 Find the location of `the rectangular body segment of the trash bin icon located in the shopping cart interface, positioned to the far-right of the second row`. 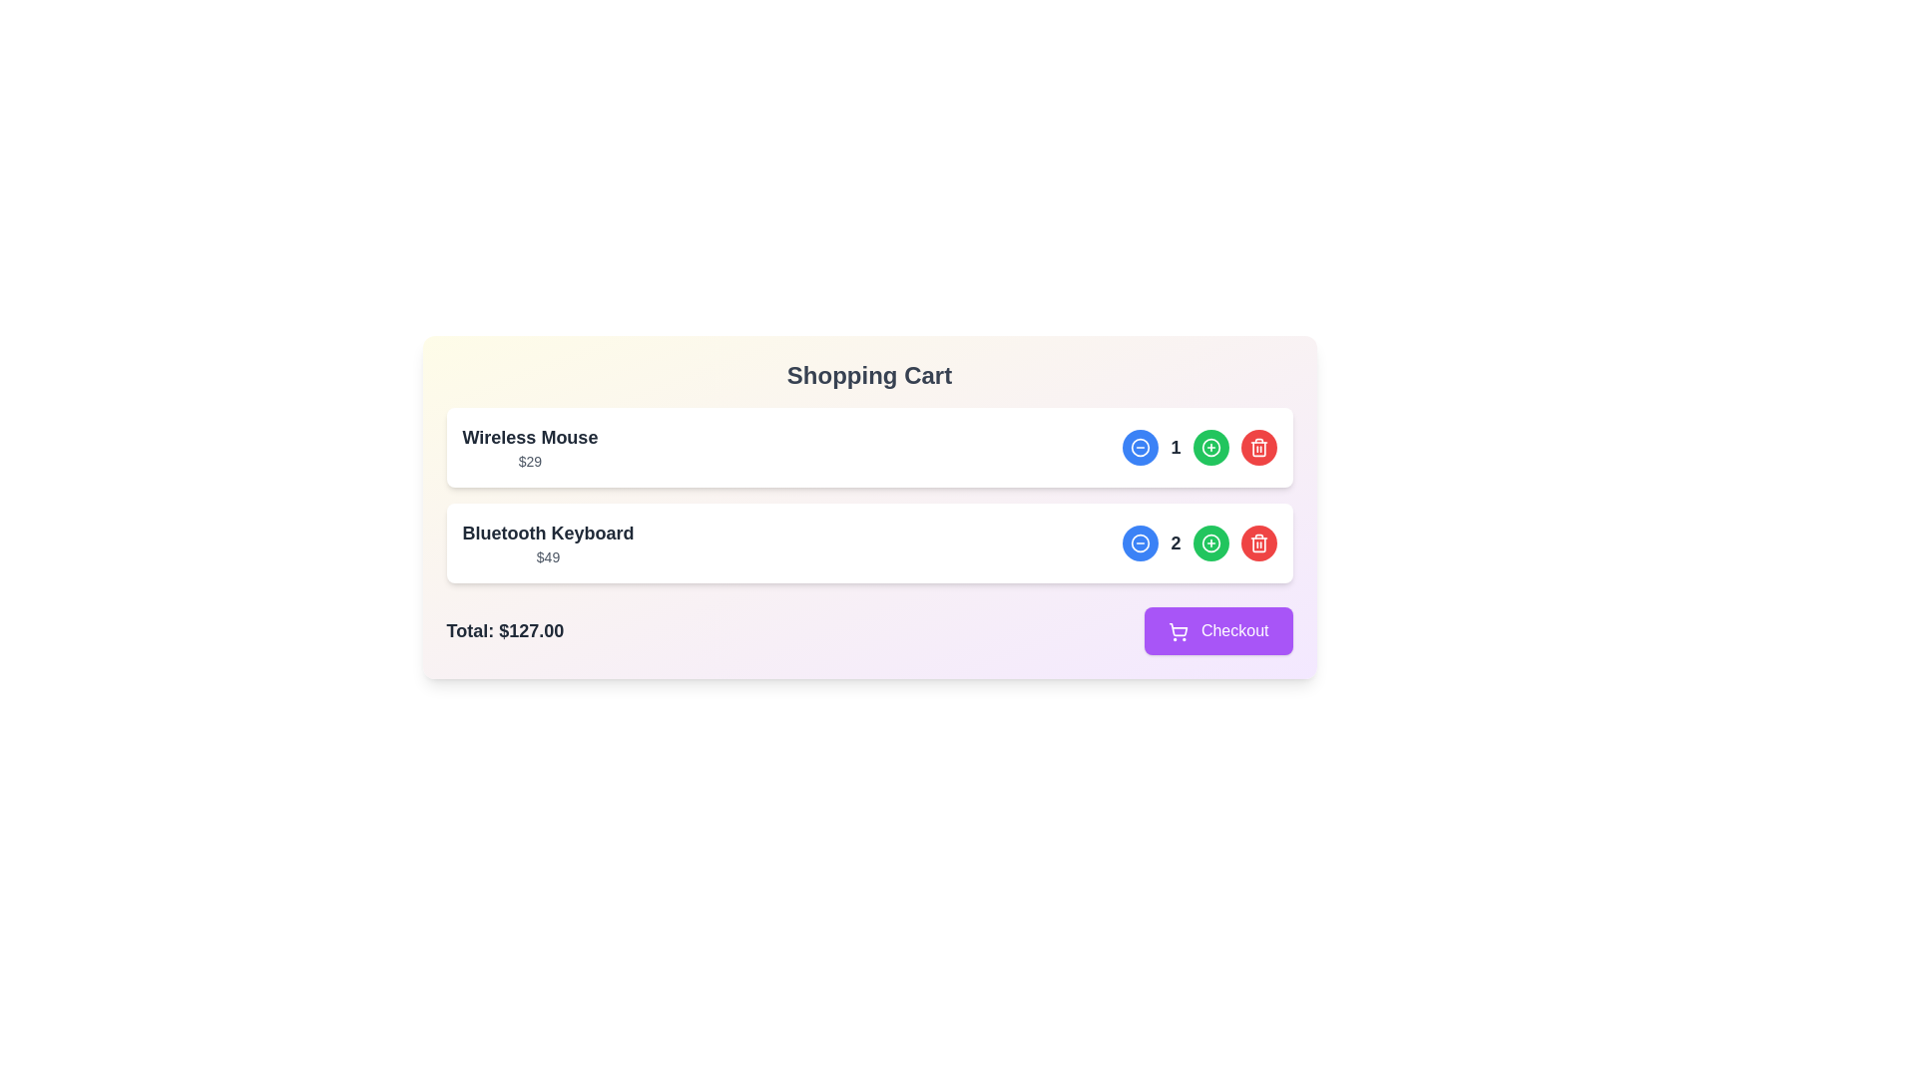

the rectangular body segment of the trash bin icon located in the shopping cart interface, positioned to the far-right of the second row is located at coordinates (1257, 544).